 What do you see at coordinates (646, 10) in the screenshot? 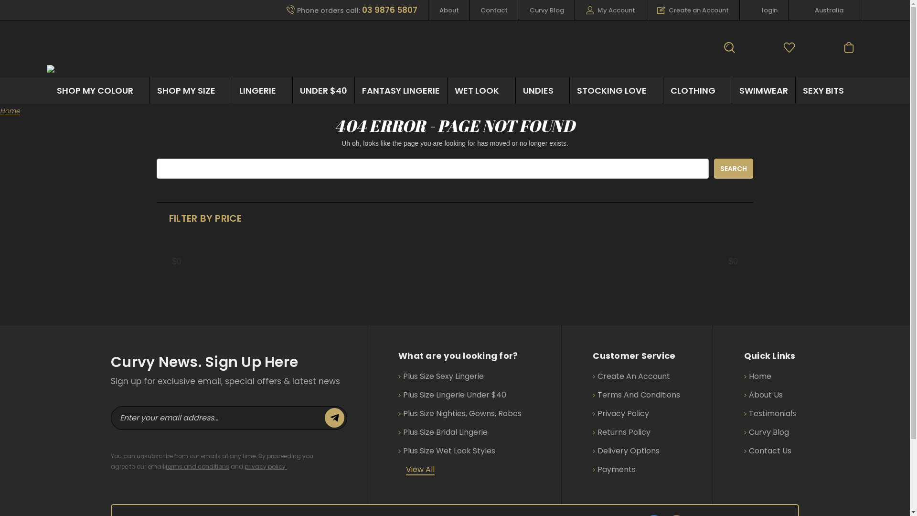
I see `'Create an Account'` at bounding box center [646, 10].